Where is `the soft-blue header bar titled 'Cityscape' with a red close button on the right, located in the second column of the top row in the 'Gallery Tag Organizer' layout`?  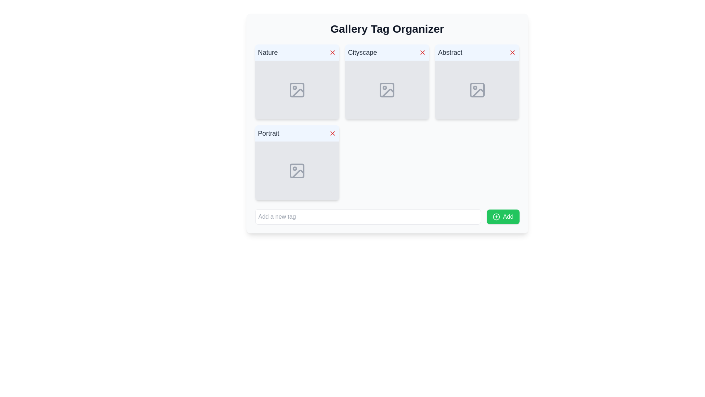
the soft-blue header bar titled 'Cityscape' with a red close button on the right, located in the second column of the top row in the 'Gallery Tag Organizer' layout is located at coordinates (387, 52).